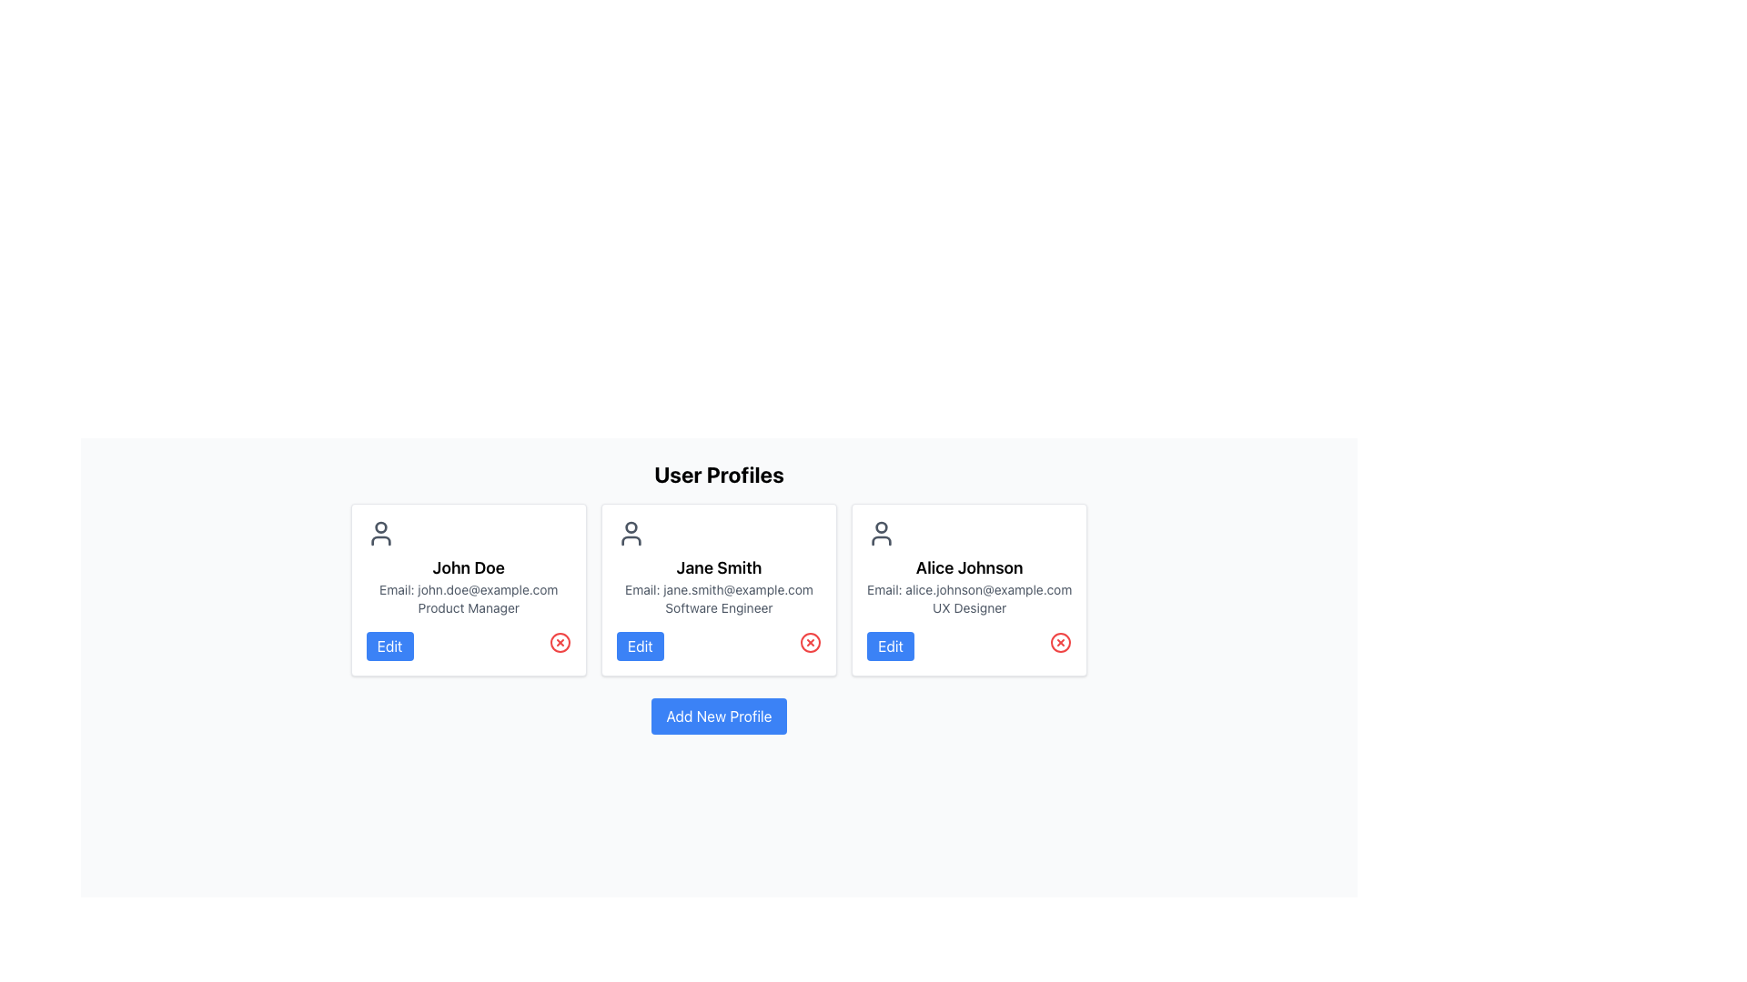 The height and width of the screenshot is (982, 1747). I want to click on the red circular delete icon with a white cross inside, located at the bottom-right corner of Alice Johnson's user card, so click(1061, 641).